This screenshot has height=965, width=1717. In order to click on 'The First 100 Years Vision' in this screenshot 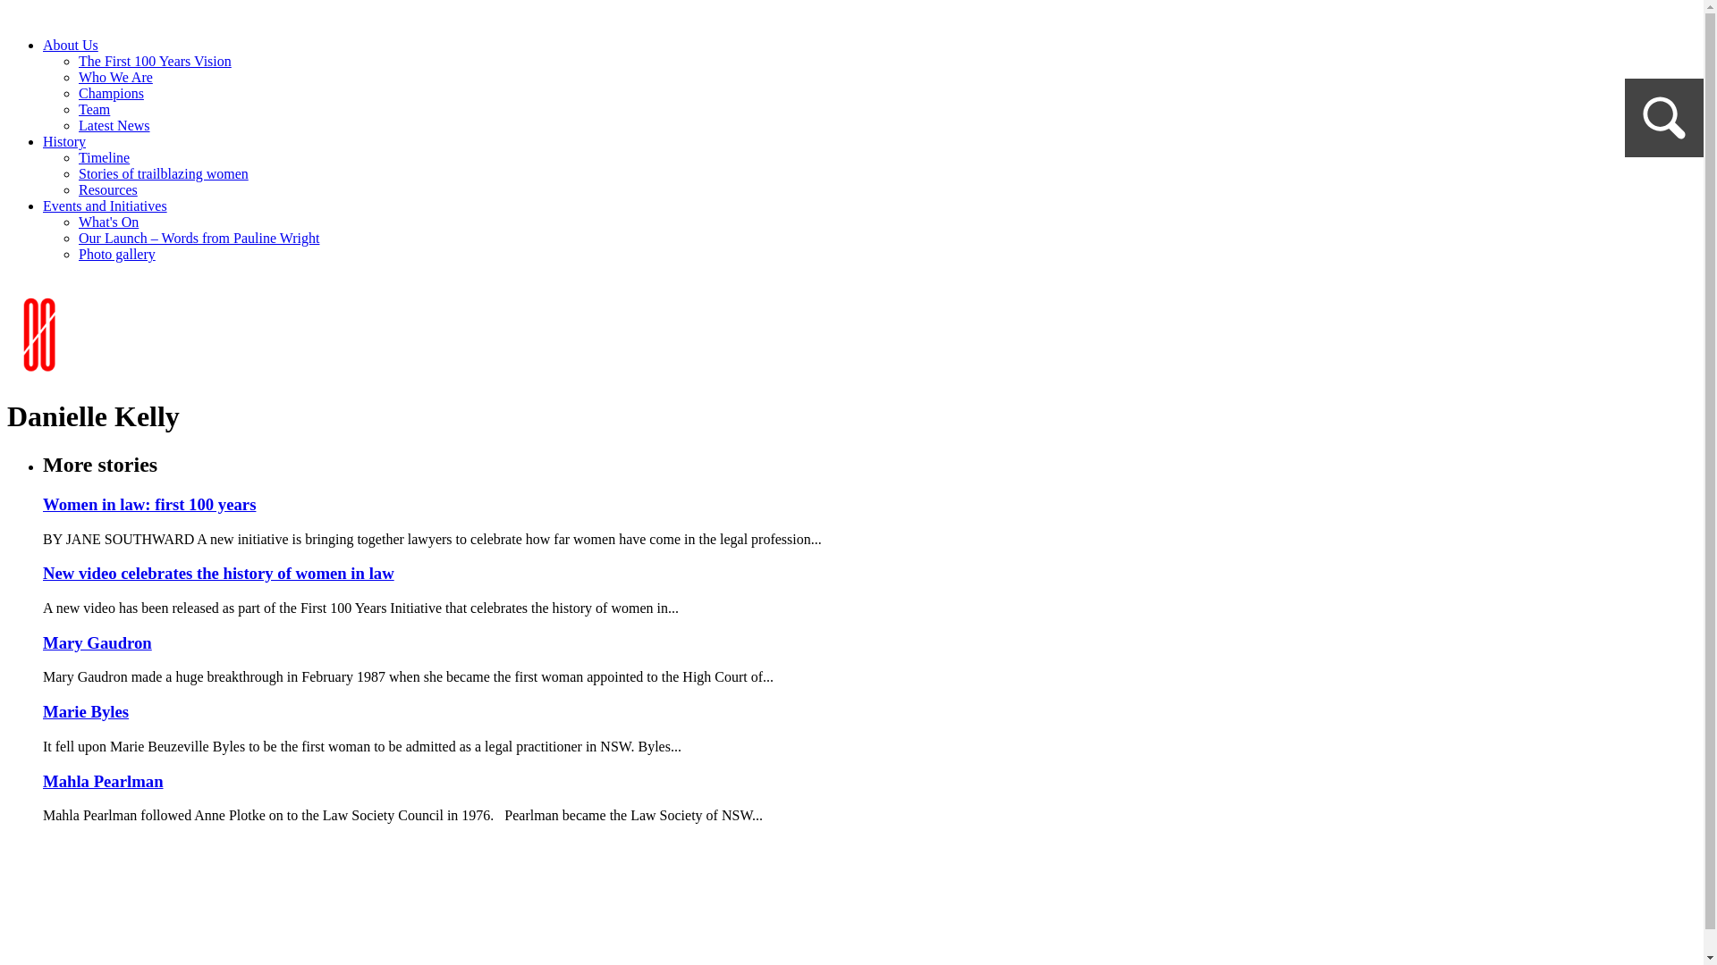, I will do `click(155, 60)`.